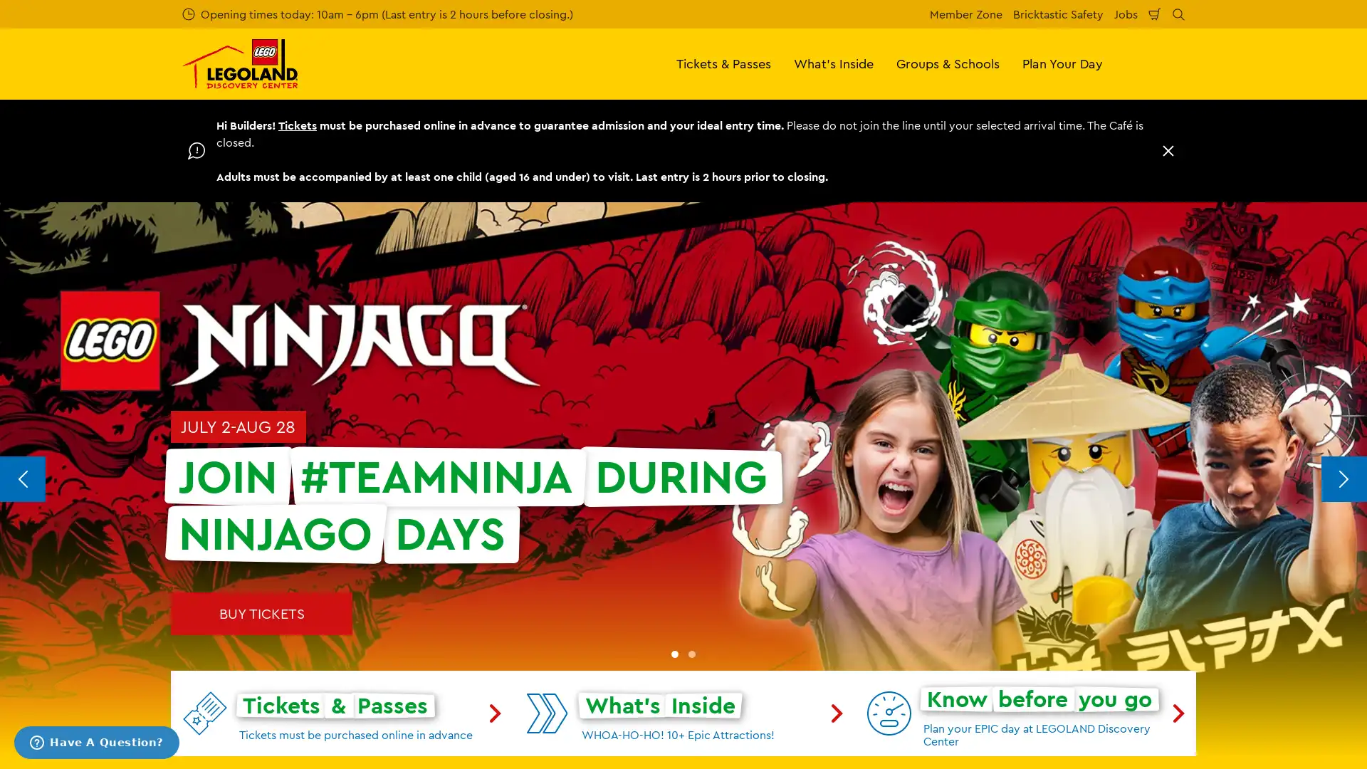 This screenshot has height=769, width=1367. What do you see at coordinates (674, 654) in the screenshot?
I see `Go to slide 1` at bounding box center [674, 654].